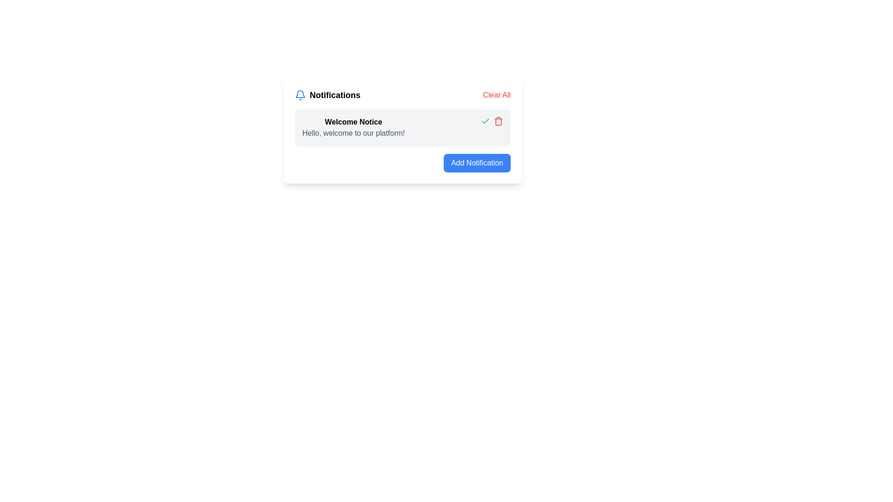 Image resolution: width=893 pixels, height=502 pixels. Describe the element at coordinates (300, 95) in the screenshot. I see `the blue bell icon located to the left of the 'Notifications' text in the notification panel` at that location.